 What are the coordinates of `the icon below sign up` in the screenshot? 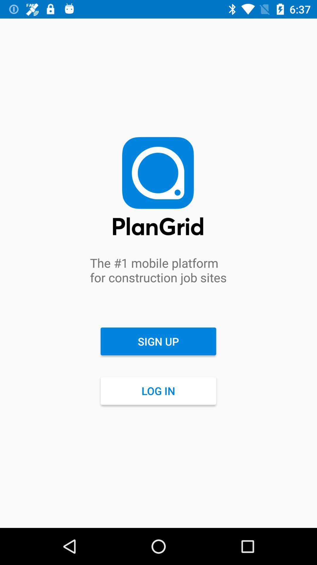 It's located at (158, 391).